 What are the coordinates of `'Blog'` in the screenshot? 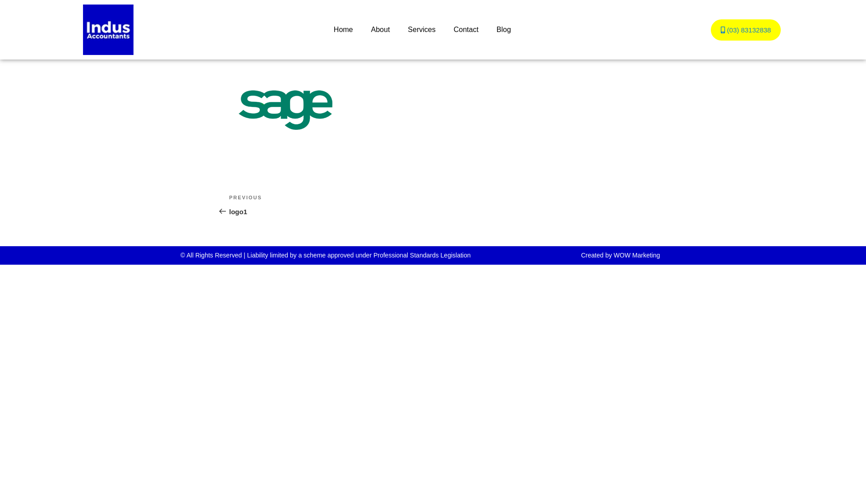 It's located at (503, 29).